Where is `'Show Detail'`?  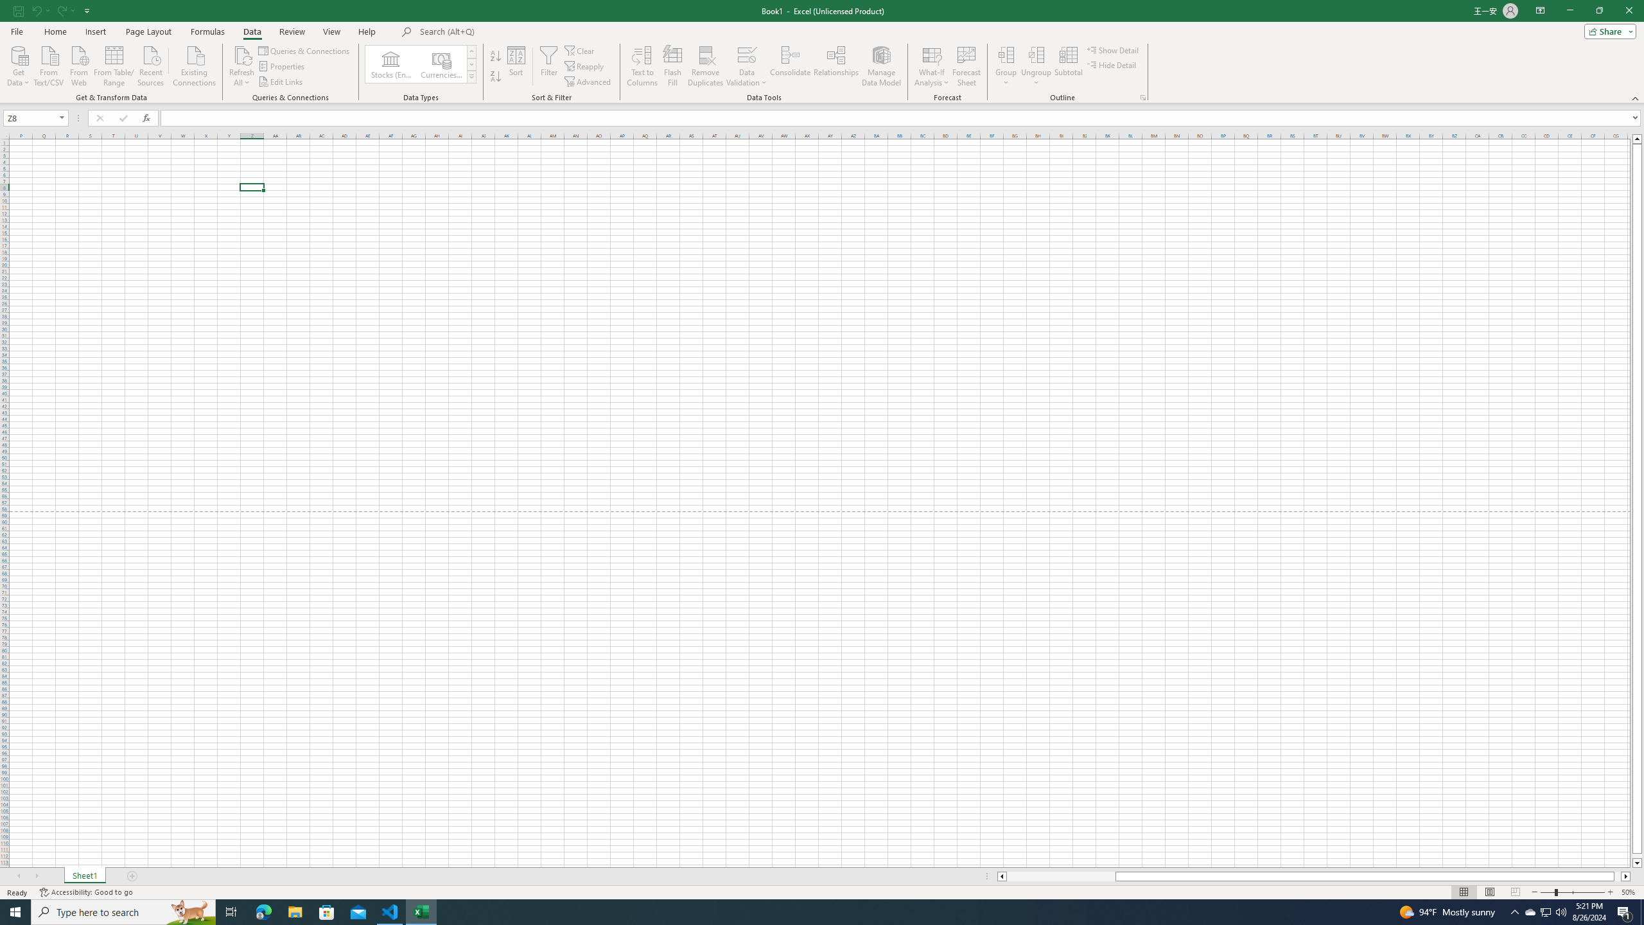
'Show Detail' is located at coordinates (1113, 49).